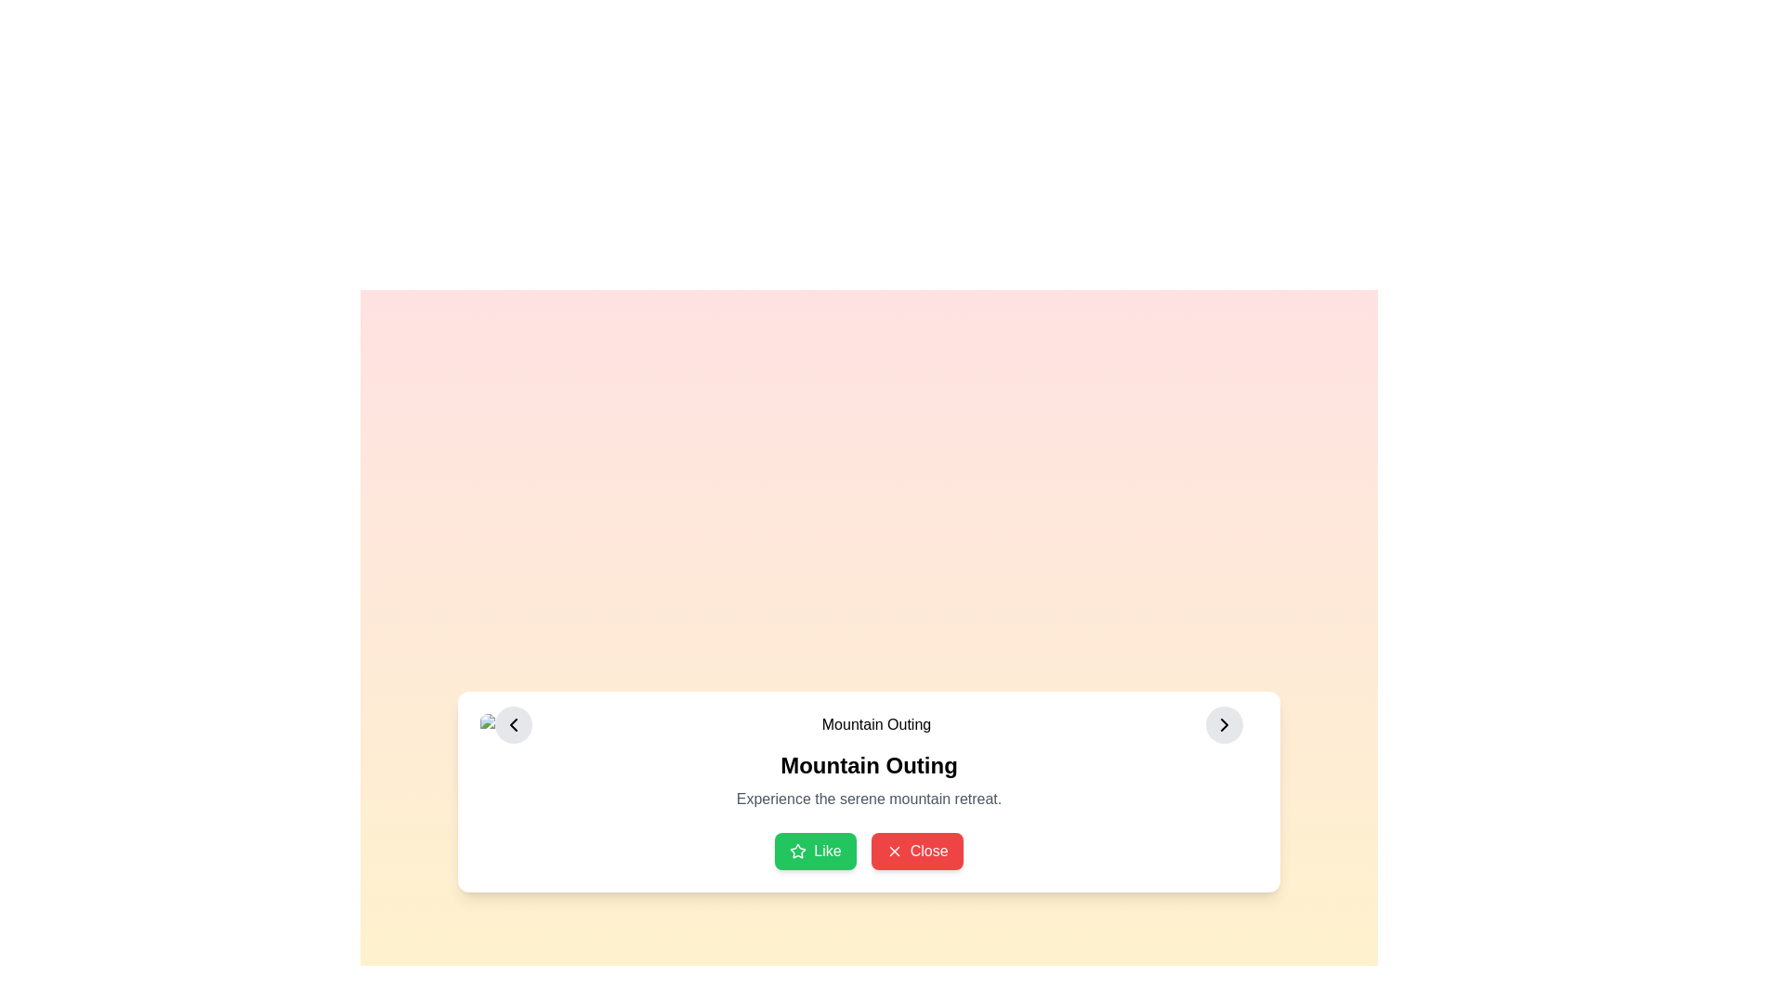 The width and height of the screenshot is (1784, 1004). I want to click on bolded title text 'Mountain Outing' displayed prominently at the upper section of the card layout, so click(868, 766).